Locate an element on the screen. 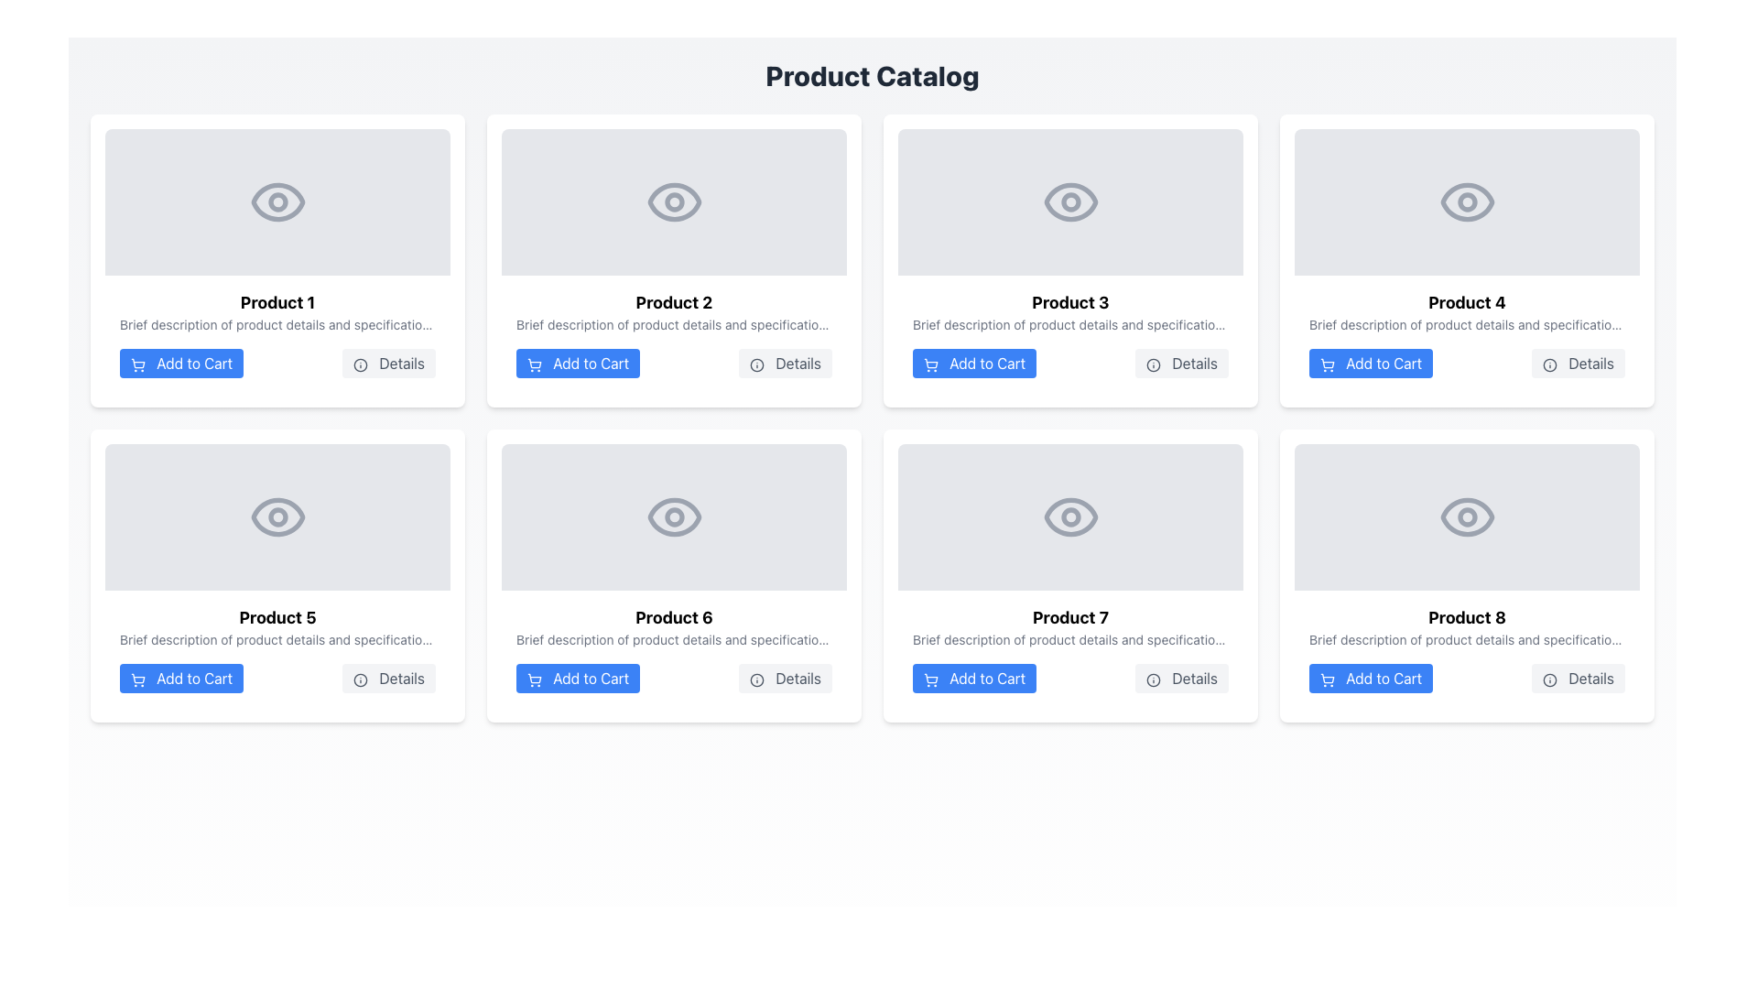  the 'Add to Cart' button located in the third product card of a 2x4 grid layout is located at coordinates (973, 364).